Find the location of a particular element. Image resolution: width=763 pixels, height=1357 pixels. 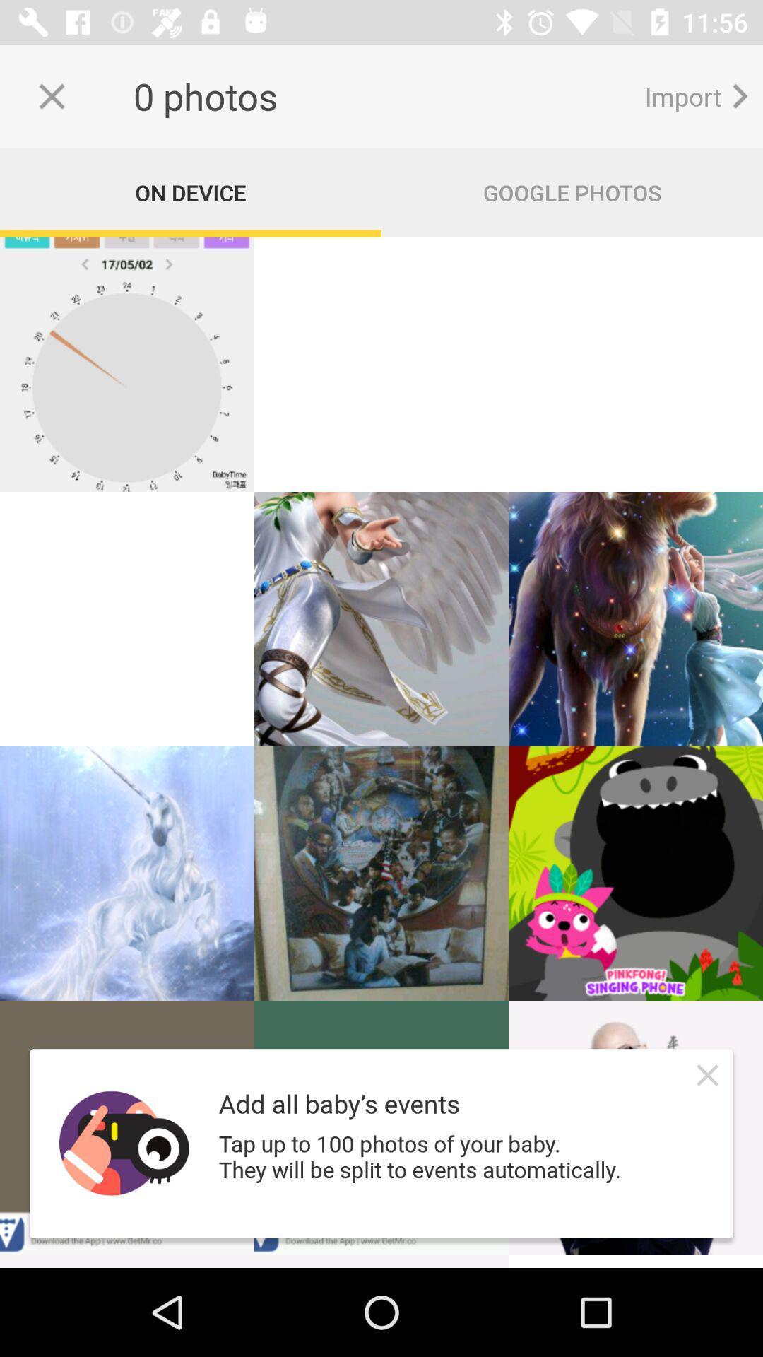

the close icon is located at coordinates (707, 1074).